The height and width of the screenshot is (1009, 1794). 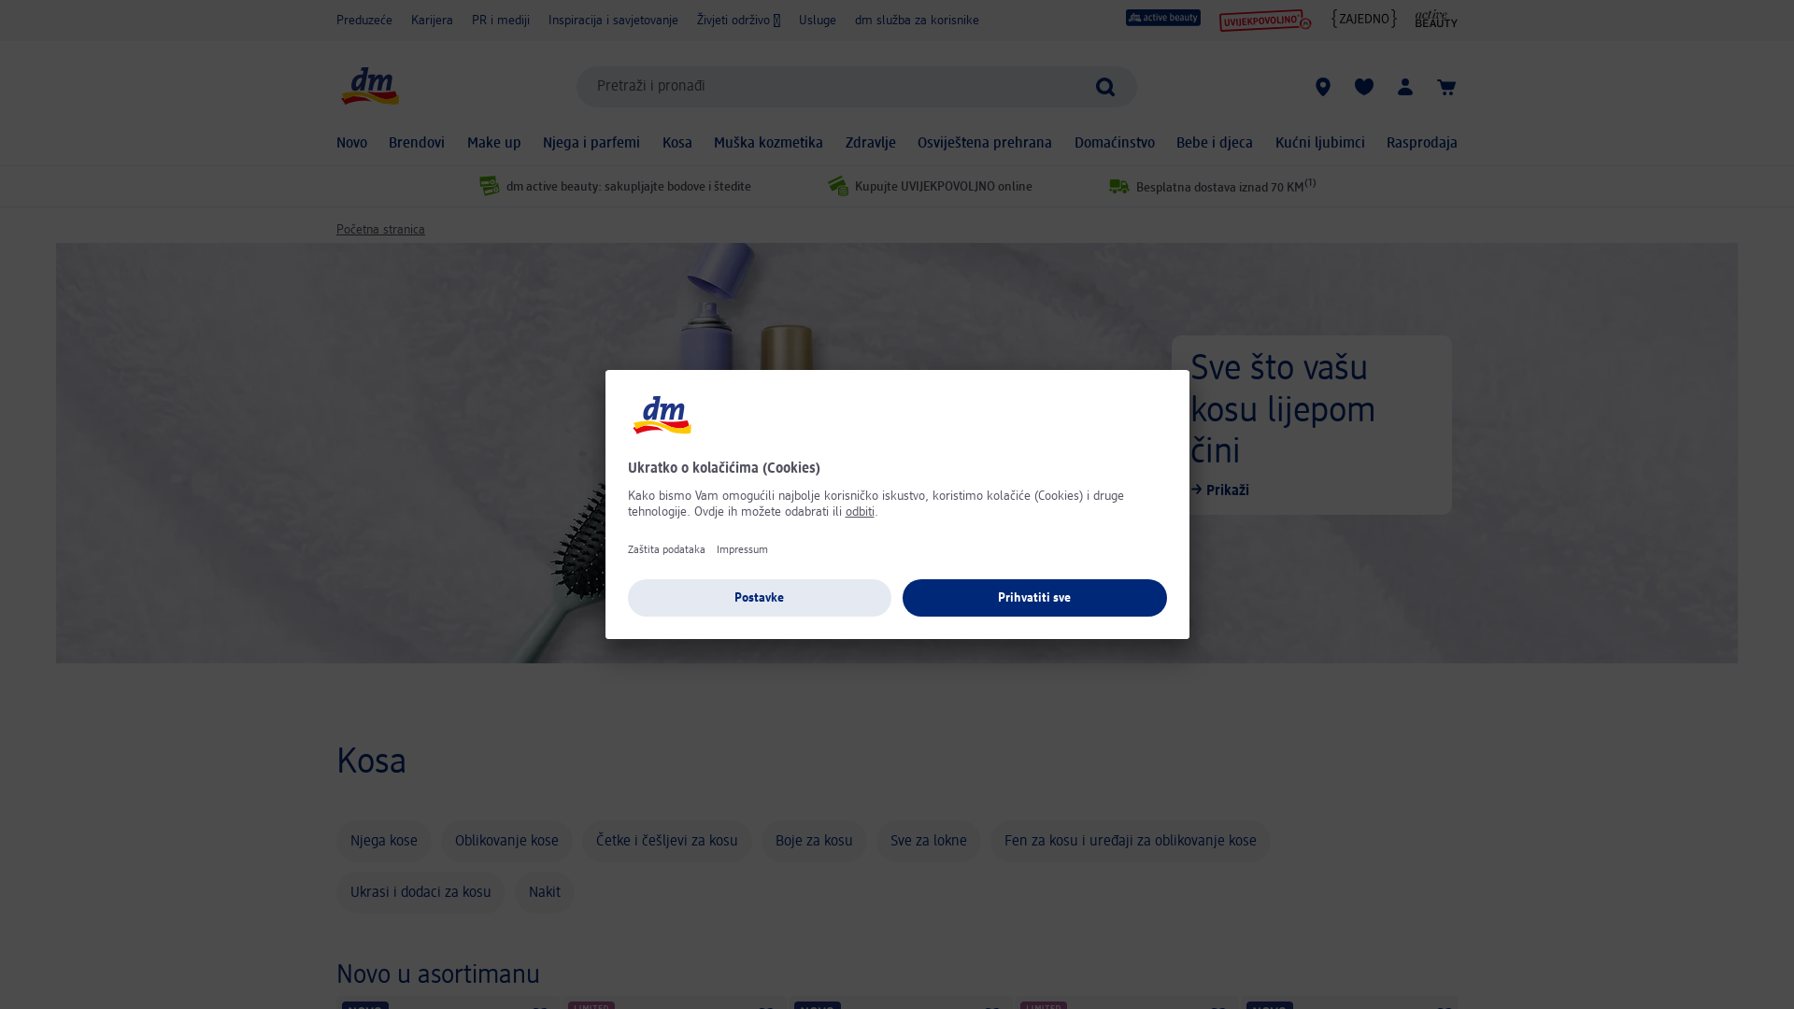 I want to click on 'Sve za lokne', so click(x=920, y=841).